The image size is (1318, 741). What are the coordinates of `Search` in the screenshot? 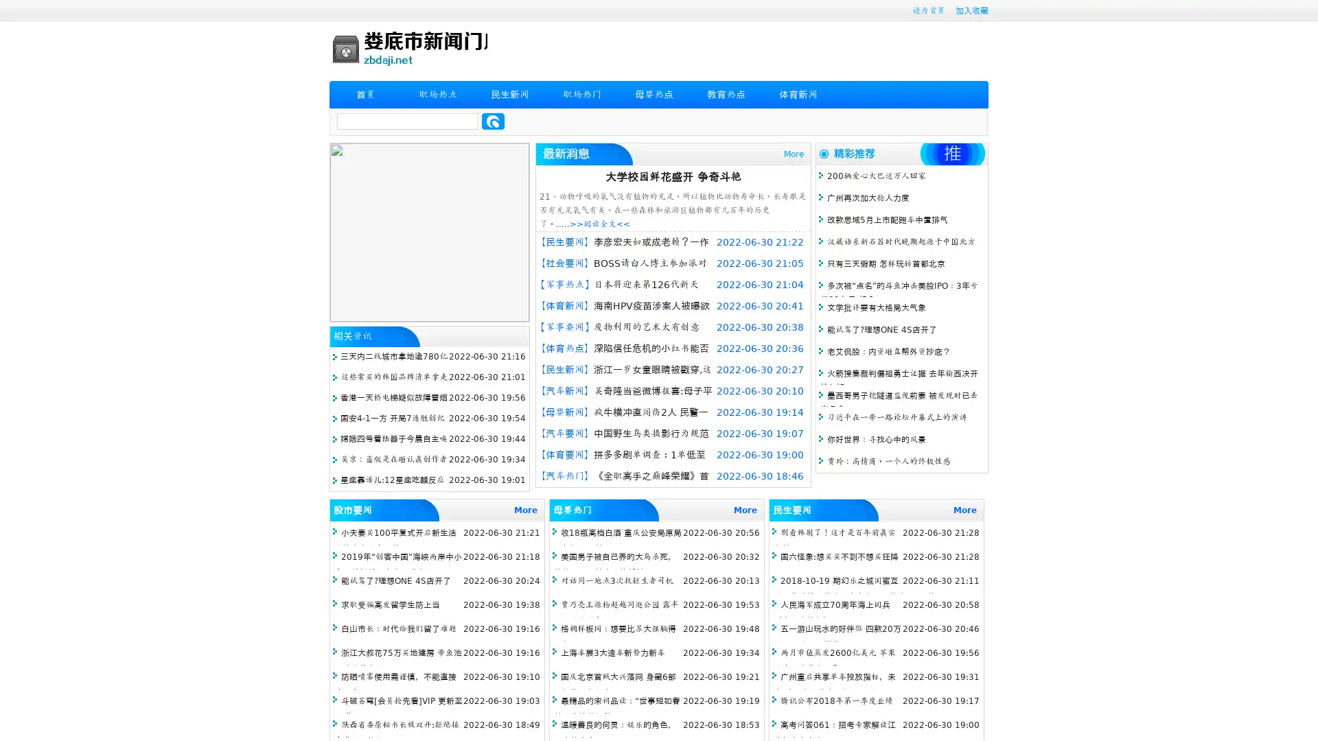 It's located at (493, 121).